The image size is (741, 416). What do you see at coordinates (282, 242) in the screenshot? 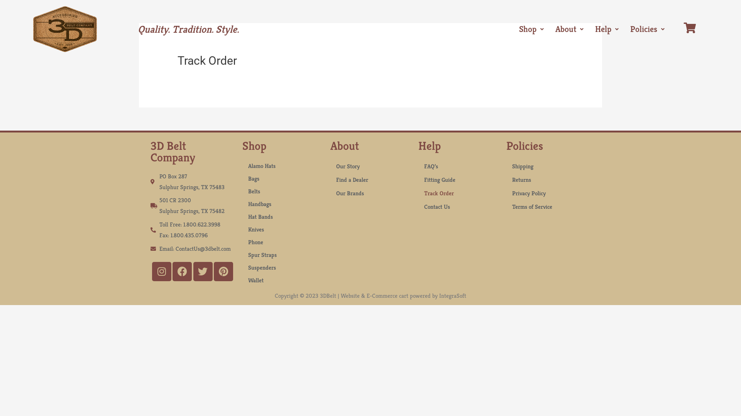
I see `'Phone'` at bounding box center [282, 242].